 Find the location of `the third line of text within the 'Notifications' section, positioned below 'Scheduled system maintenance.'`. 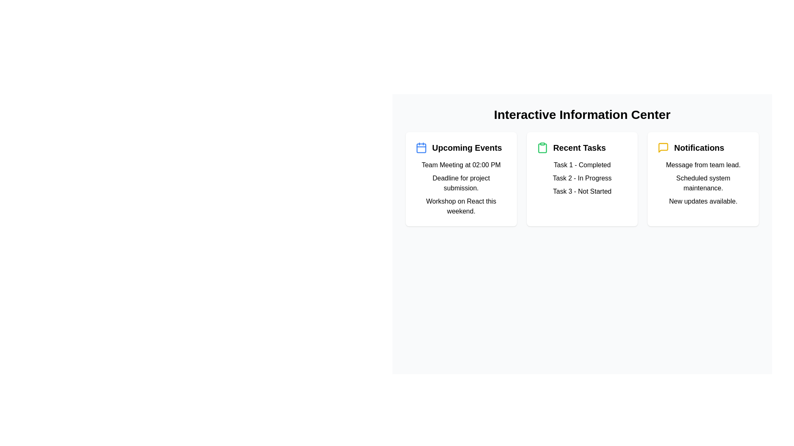

the third line of text within the 'Notifications' section, positioned below 'Scheduled system maintenance.' is located at coordinates (703, 202).